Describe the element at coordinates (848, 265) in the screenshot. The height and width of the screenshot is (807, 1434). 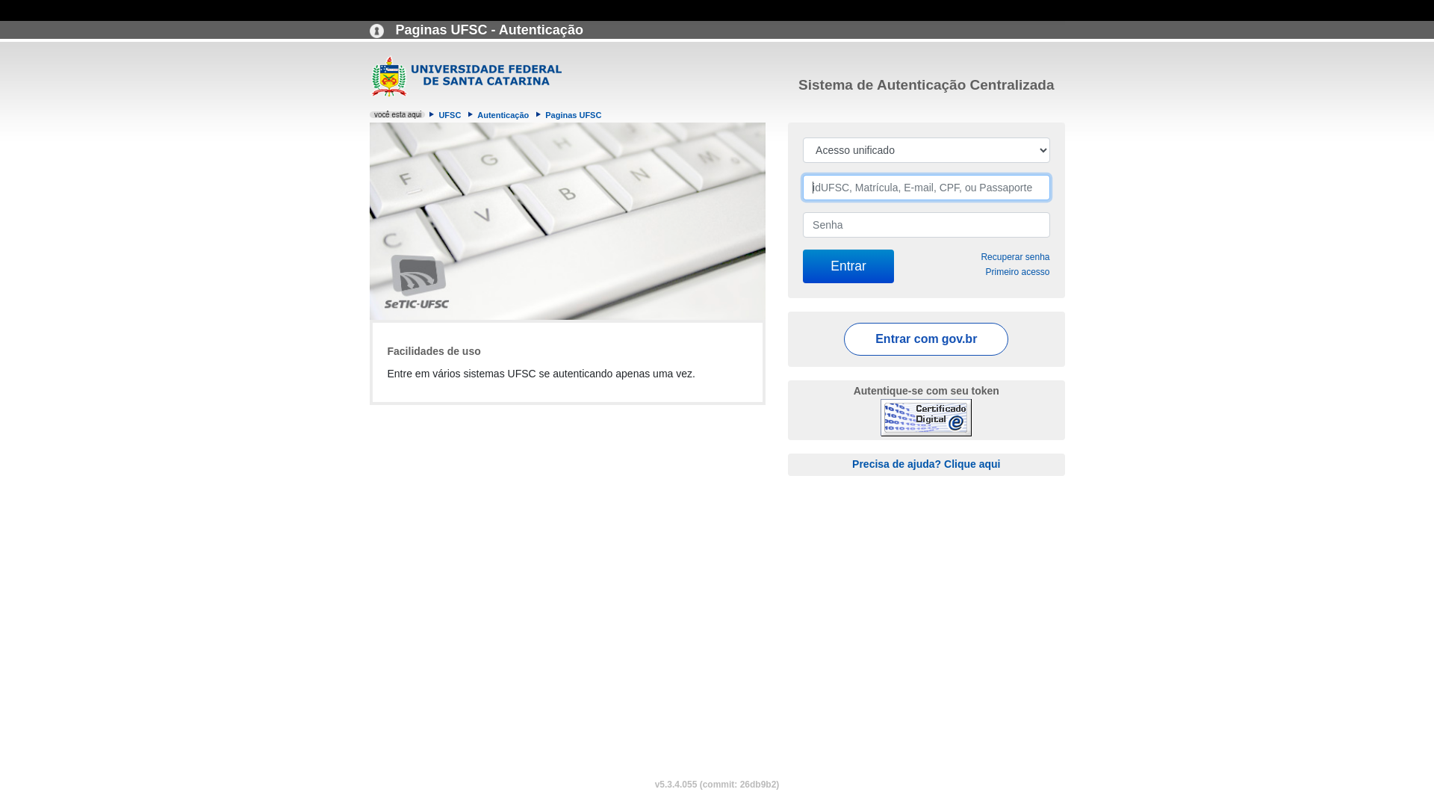
I see `'Entrar'` at that location.